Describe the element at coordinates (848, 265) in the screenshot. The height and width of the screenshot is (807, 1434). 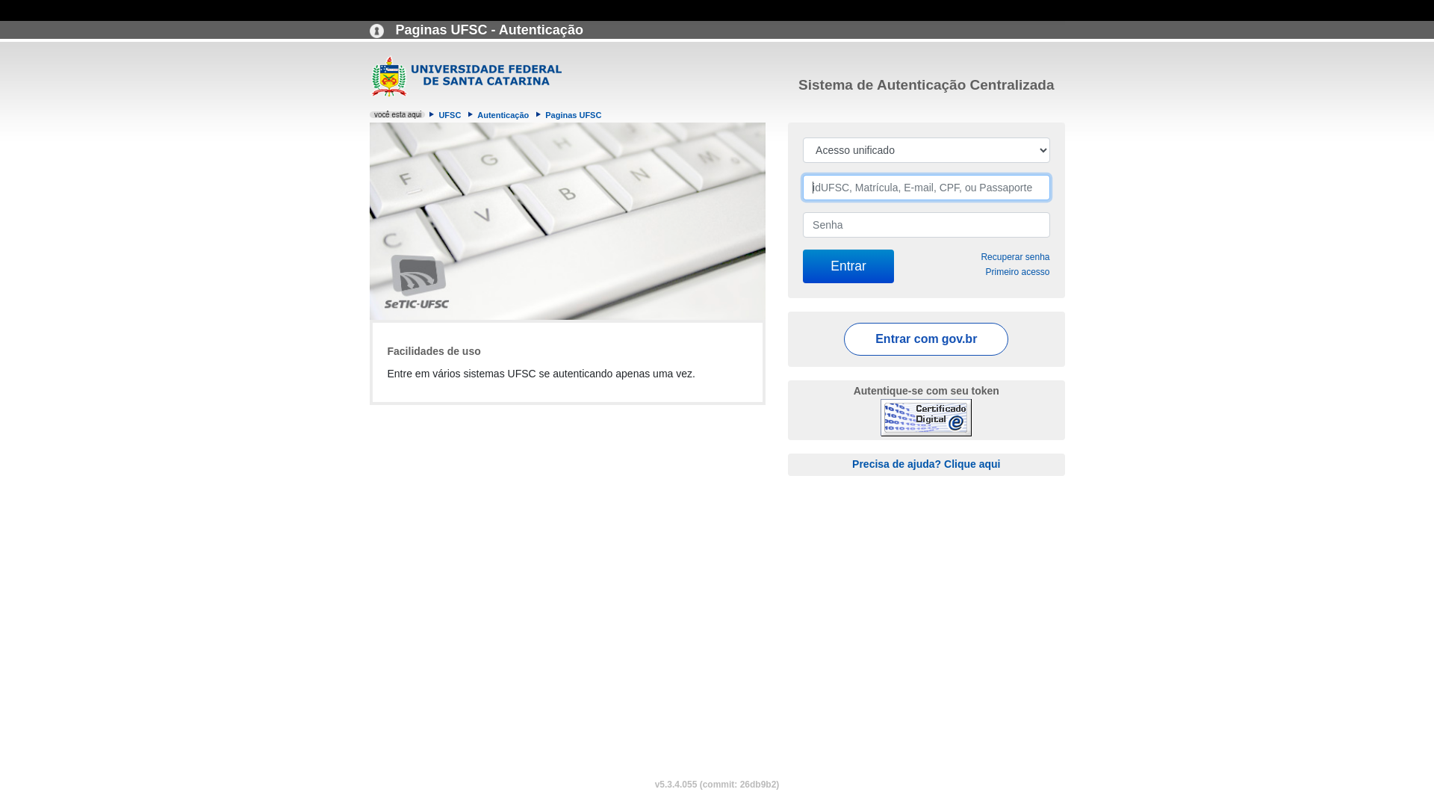
I see `'Entrar'` at that location.